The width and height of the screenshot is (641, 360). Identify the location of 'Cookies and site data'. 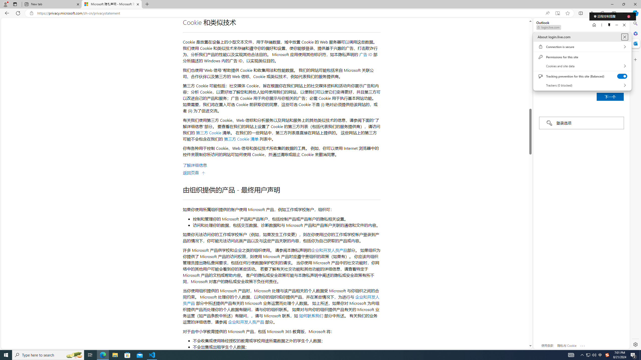
(582, 66).